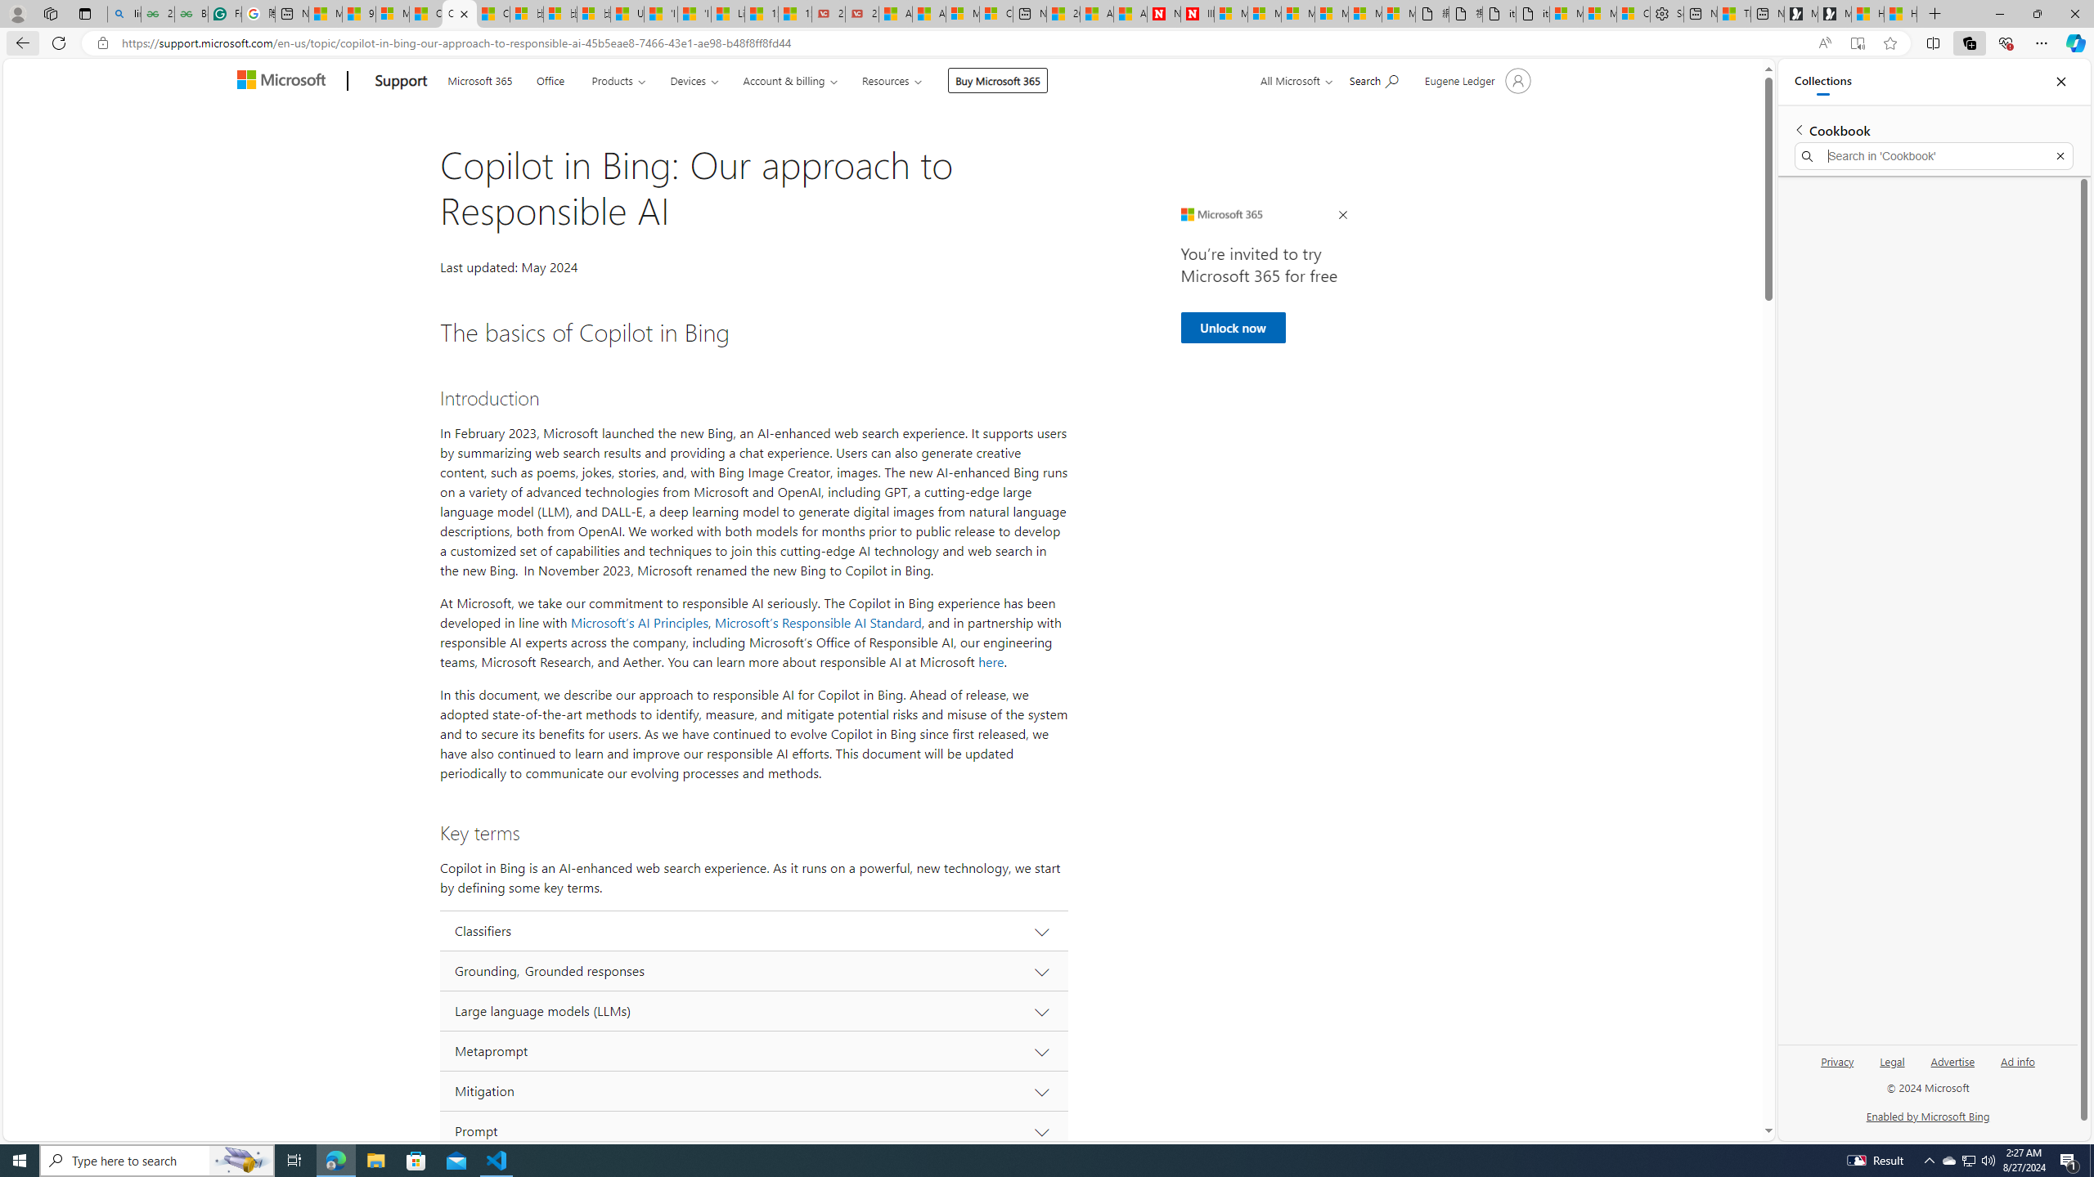  What do you see at coordinates (2060, 156) in the screenshot?
I see `'Exit search'` at bounding box center [2060, 156].